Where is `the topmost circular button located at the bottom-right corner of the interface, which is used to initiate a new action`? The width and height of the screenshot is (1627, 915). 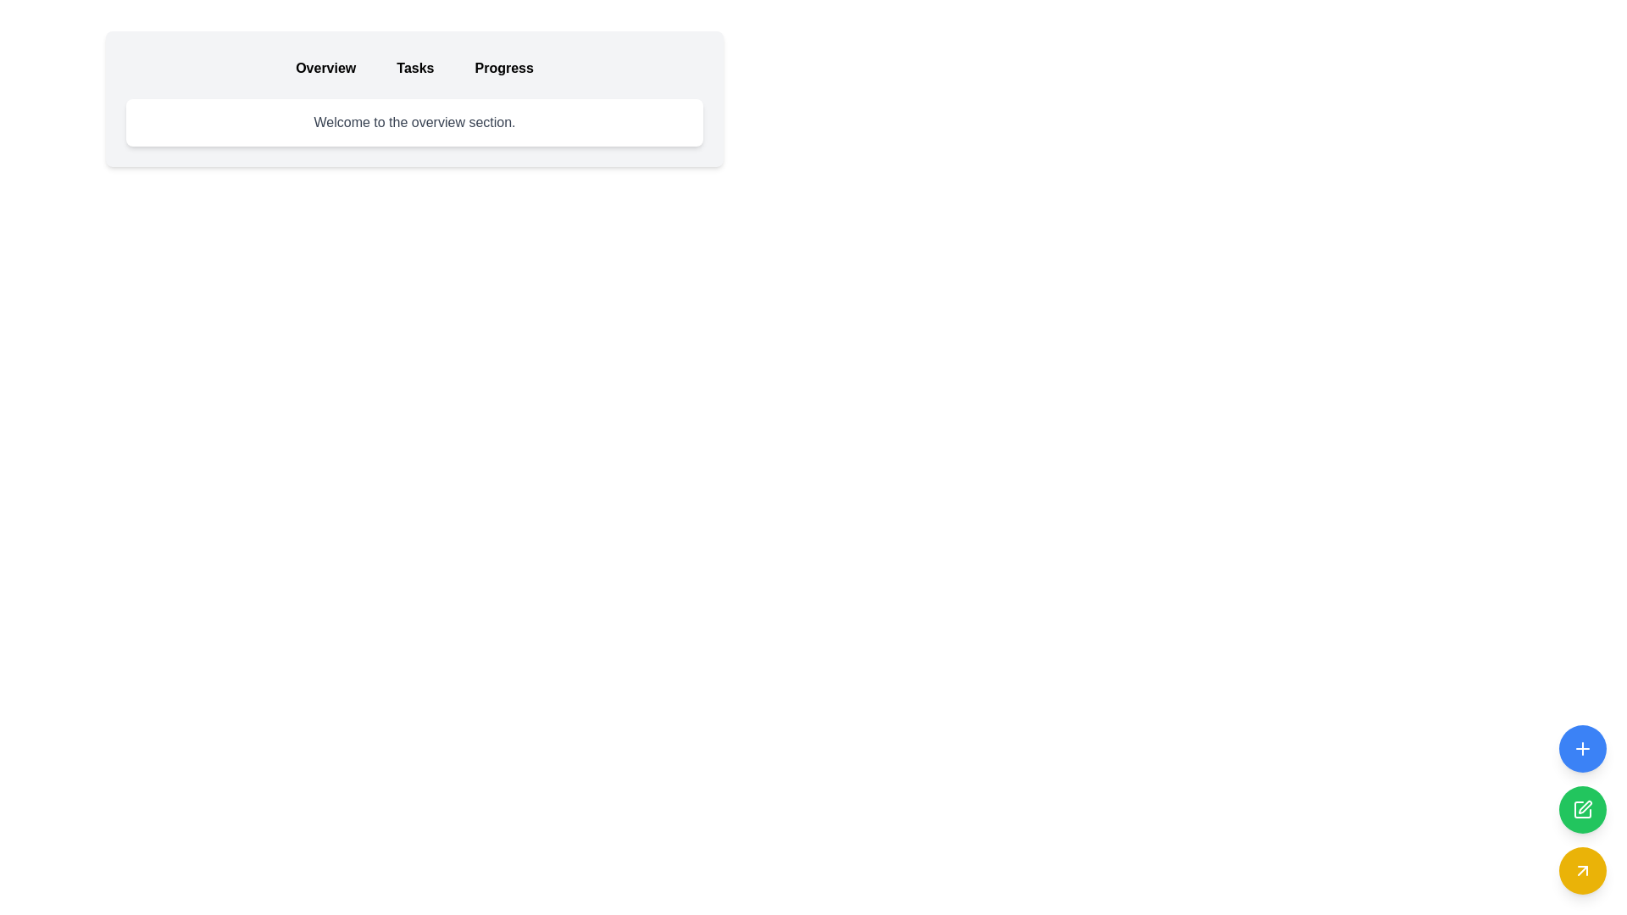
the topmost circular button located at the bottom-right corner of the interface, which is used to initiate a new action is located at coordinates (1581, 747).